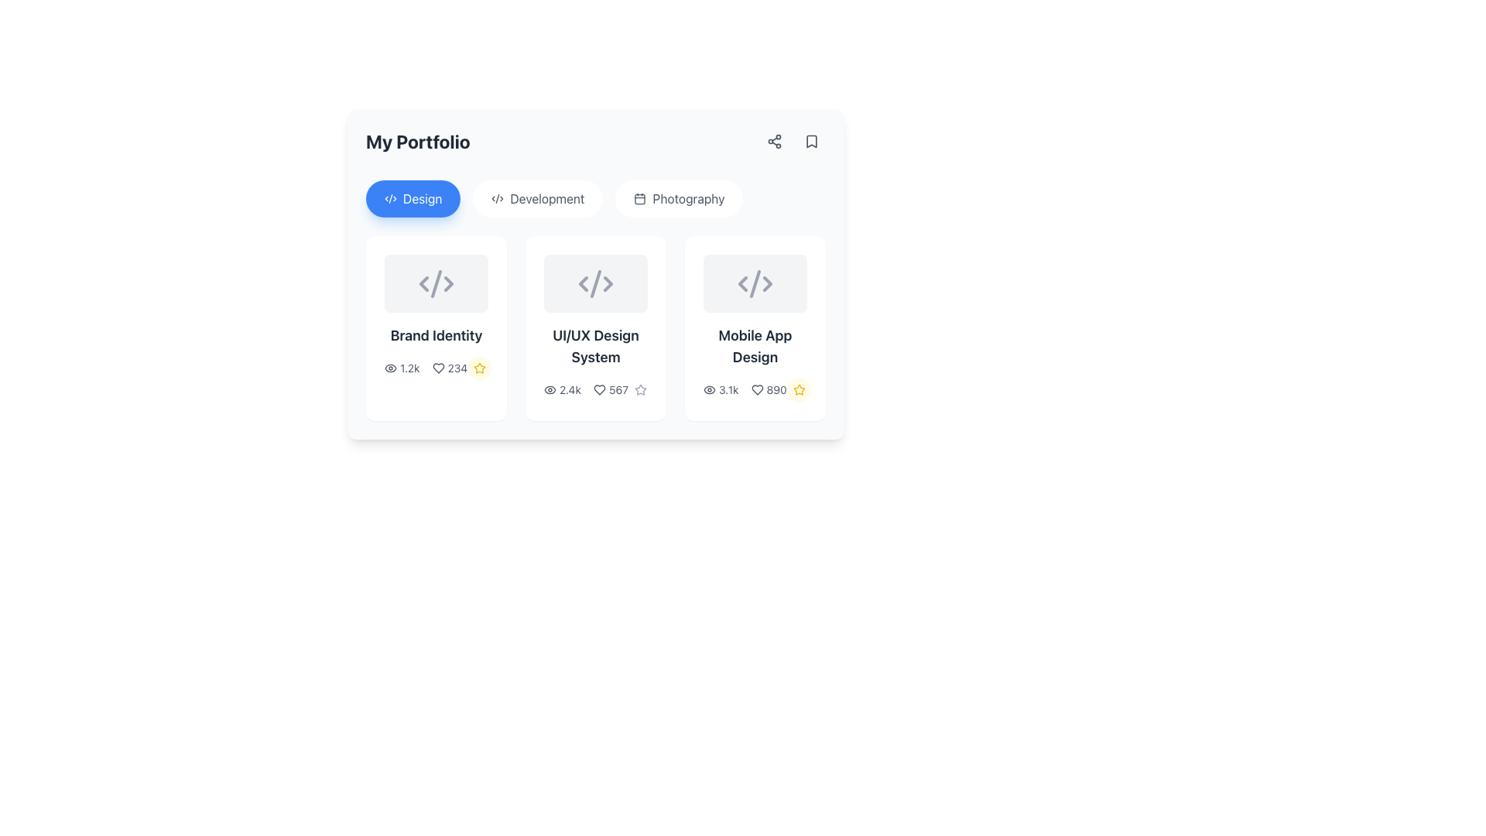 This screenshot has width=1486, height=836. I want to click on the star icon button located at the bottom-right of the 'UI/UX Design System' card, so click(641, 389).